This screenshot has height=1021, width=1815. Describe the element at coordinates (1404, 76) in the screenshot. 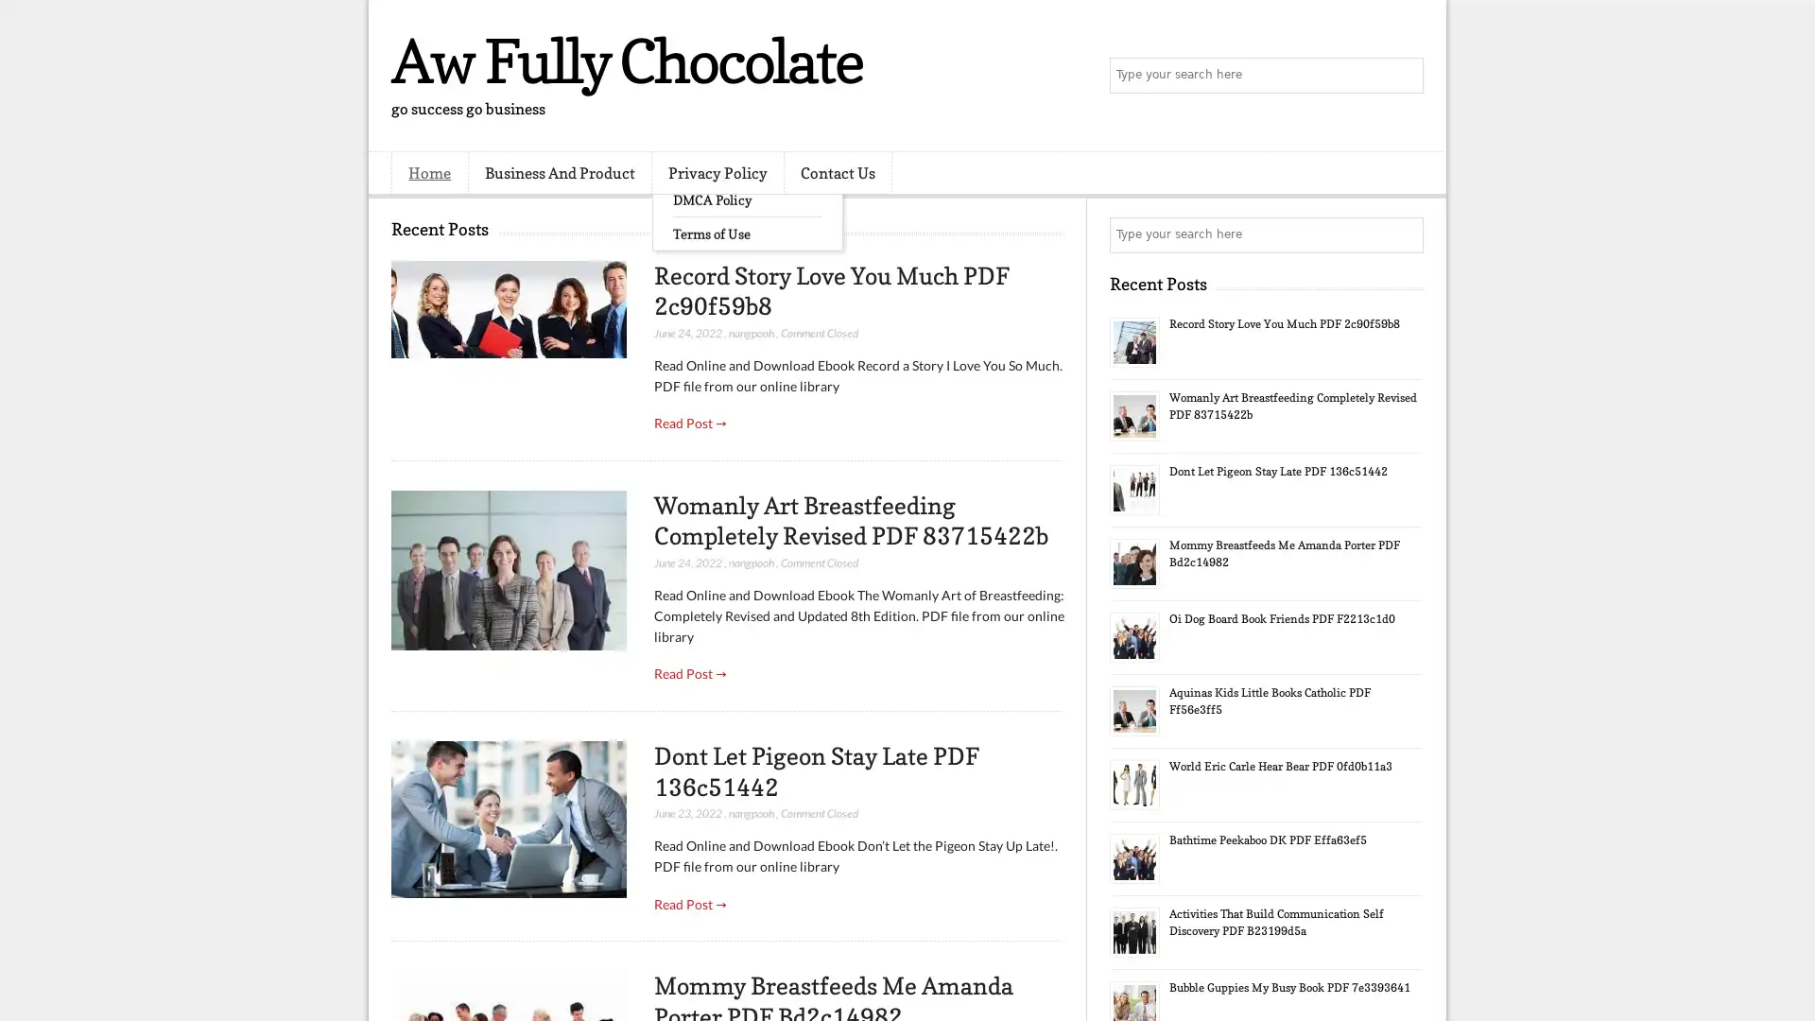

I see `Search` at that location.